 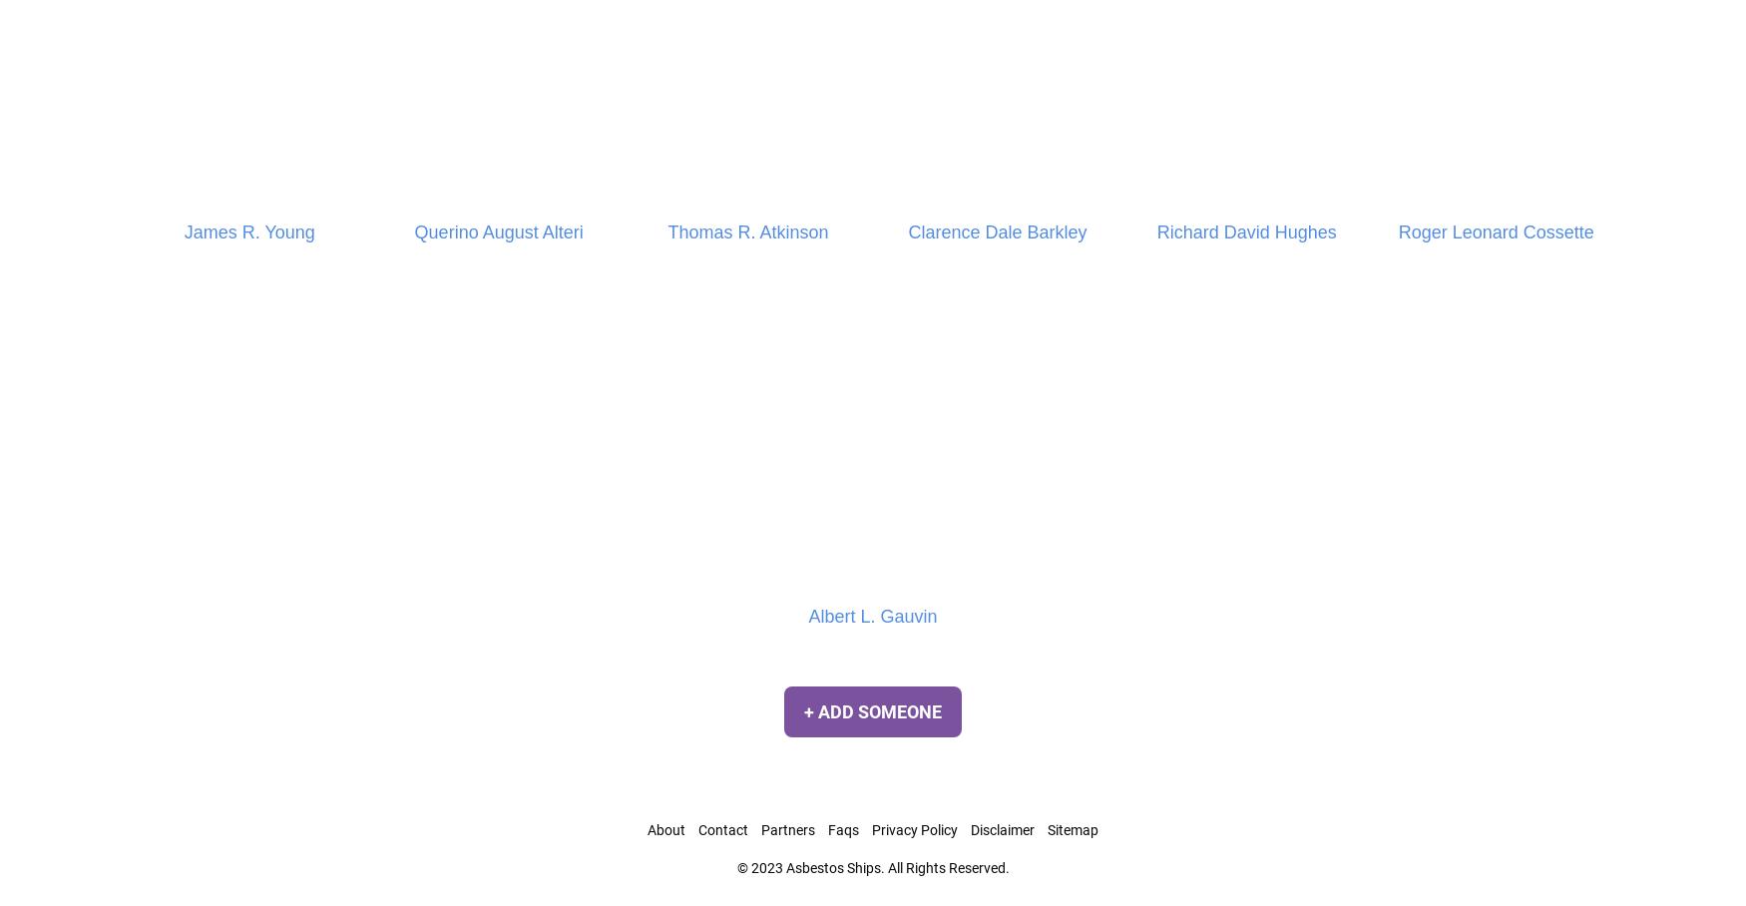 What do you see at coordinates (872, 614) in the screenshot?
I see `'Albert L. Gauvin'` at bounding box center [872, 614].